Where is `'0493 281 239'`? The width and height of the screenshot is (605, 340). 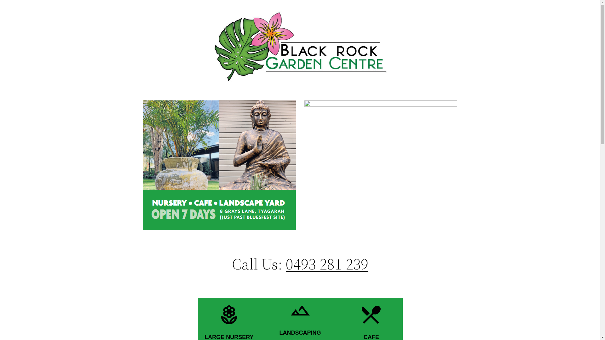
'0493 281 239' is located at coordinates (285, 264).